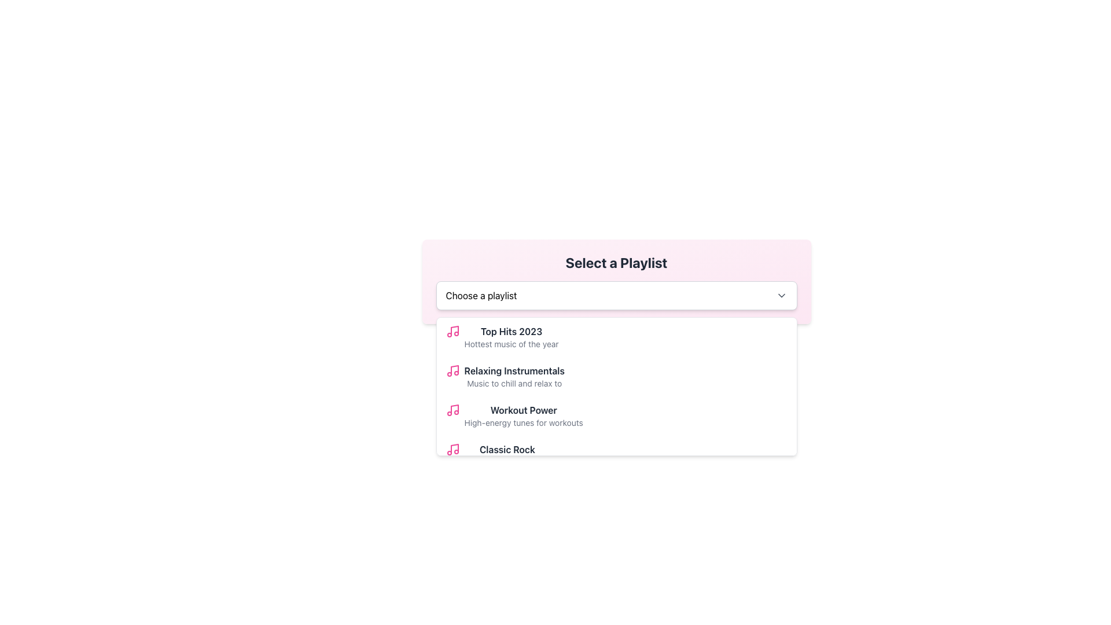  What do you see at coordinates (452, 332) in the screenshot?
I see `the first icon representing the 'Top Hits 2023' playlist option in the playlist dropdown` at bounding box center [452, 332].